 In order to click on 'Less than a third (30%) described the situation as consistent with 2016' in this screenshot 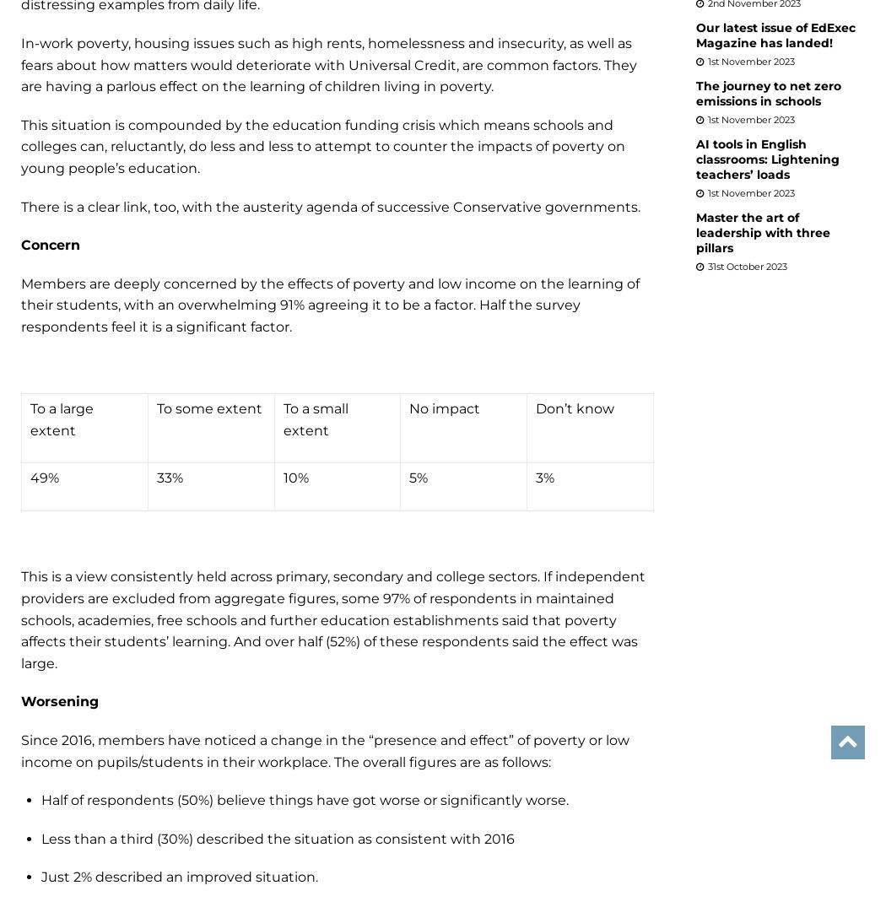, I will do `click(278, 837)`.